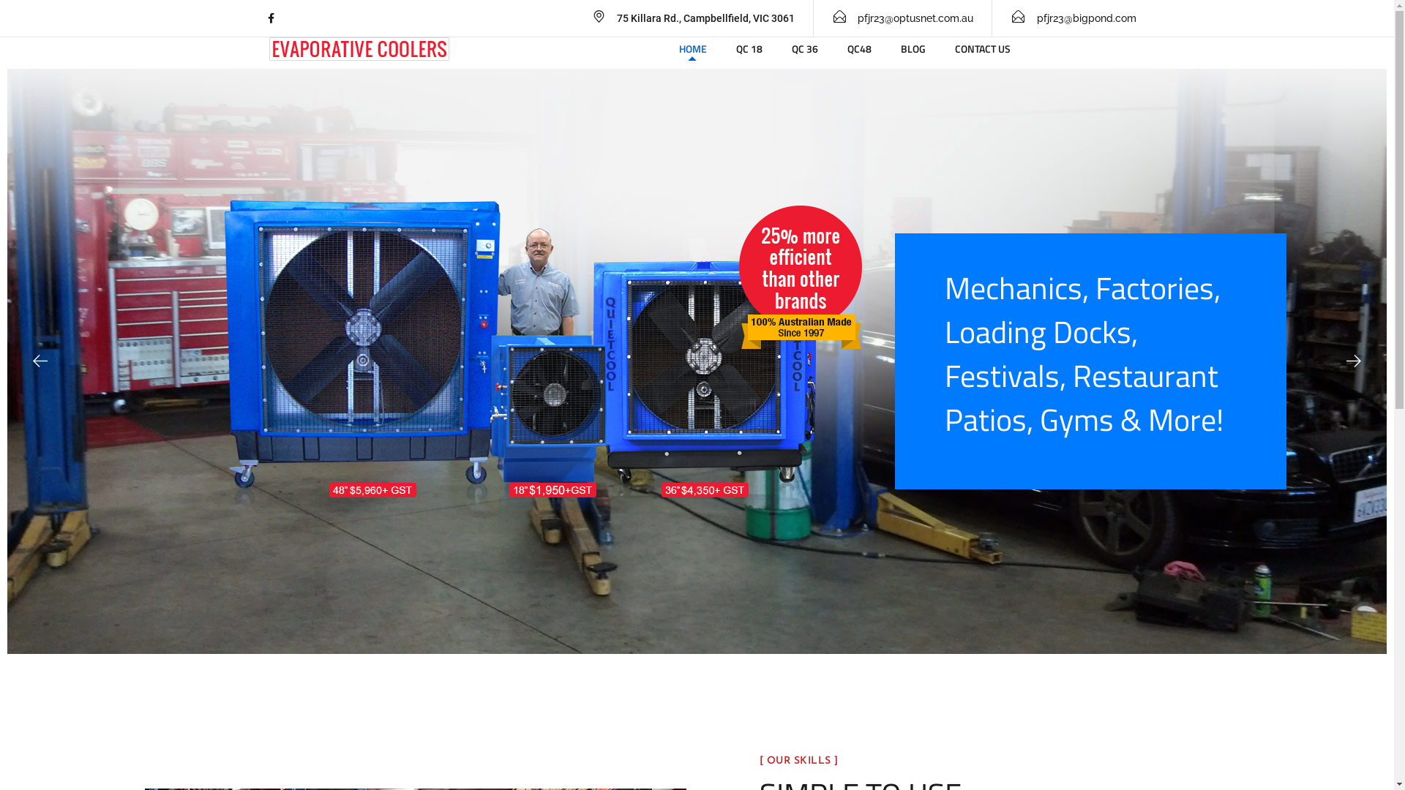 This screenshot has height=790, width=1405. Describe the element at coordinates (692, 48) in the screenshot. I see `'HOME'` at that location.